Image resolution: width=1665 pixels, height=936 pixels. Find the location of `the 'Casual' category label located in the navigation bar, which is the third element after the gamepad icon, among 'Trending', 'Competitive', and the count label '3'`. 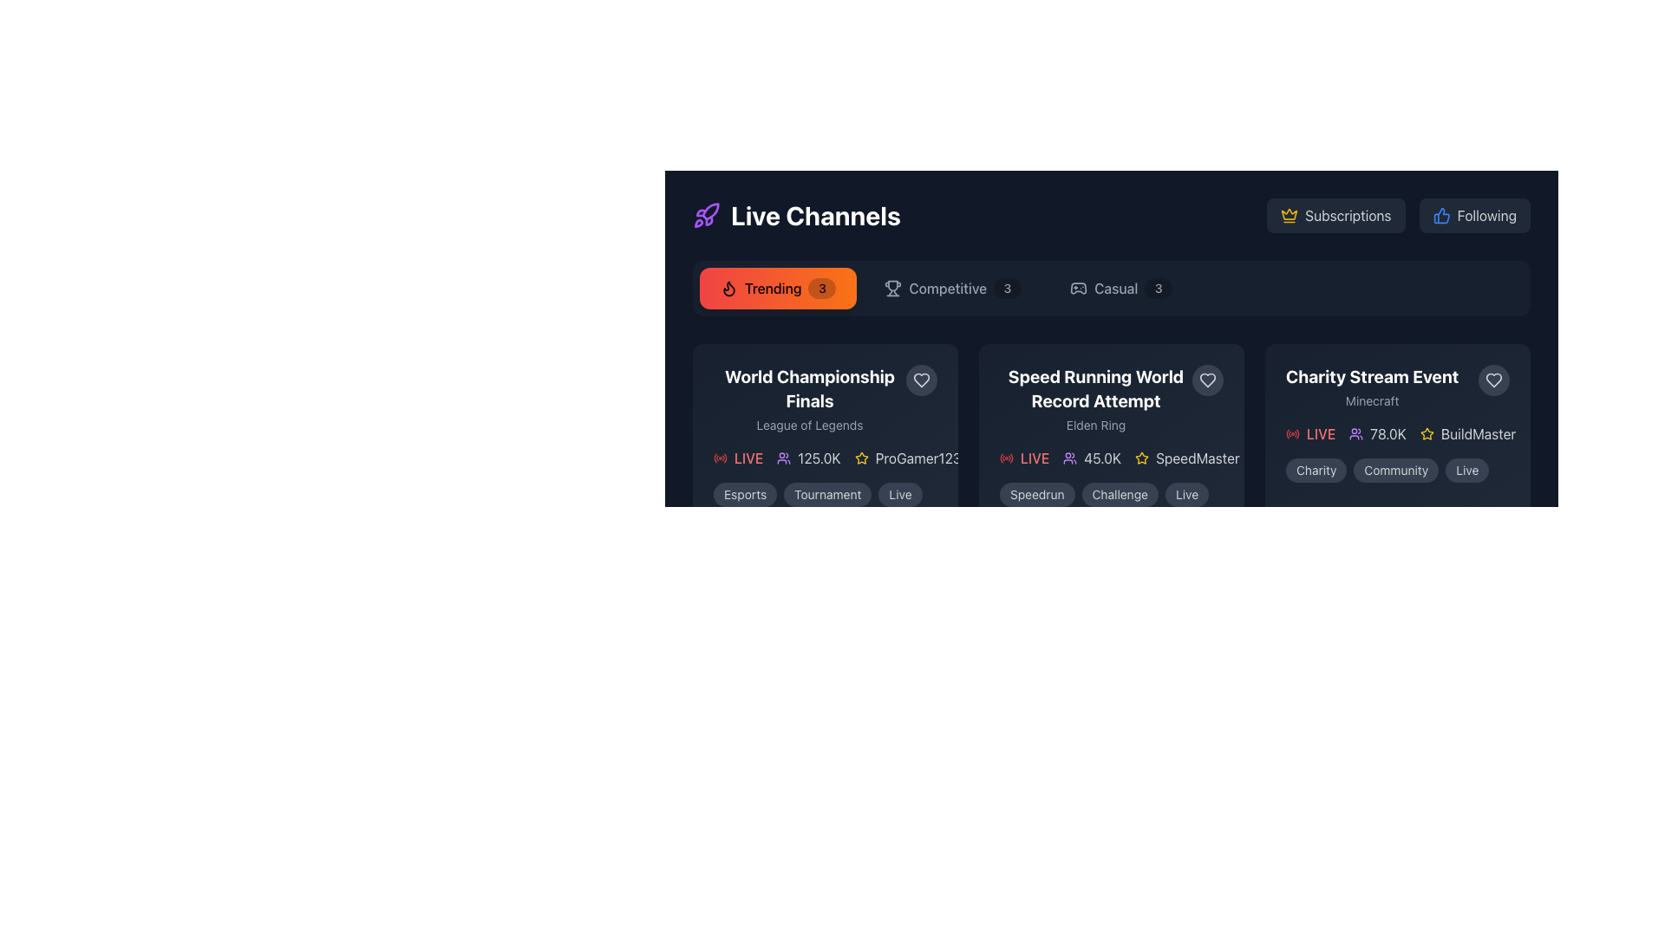

the 'Casual' category label located in the navigation bar, which is the third element after the gamepad icon, among 'Trending', 'Competitive', and the count label '3' is located at coordinates (1116, 287).